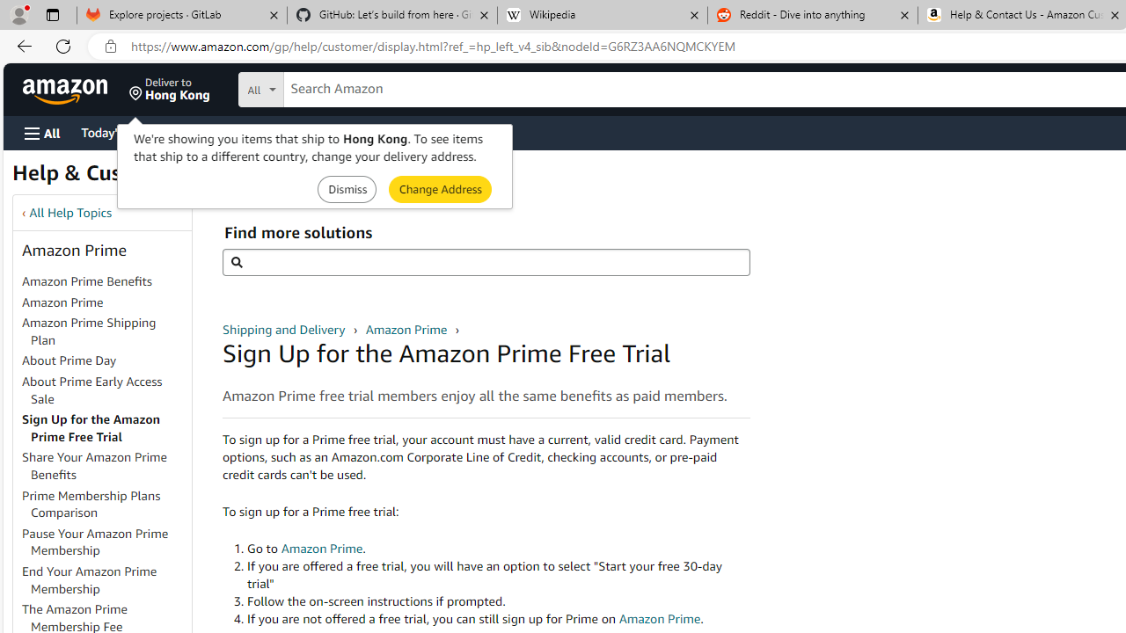 The height and width of the screenshot is (633, 1126). What do you see at coordinates (105, 504) in the screenshot?
I see `'Prime Membership Plans Comparison'` at bounding box center [105, 504].